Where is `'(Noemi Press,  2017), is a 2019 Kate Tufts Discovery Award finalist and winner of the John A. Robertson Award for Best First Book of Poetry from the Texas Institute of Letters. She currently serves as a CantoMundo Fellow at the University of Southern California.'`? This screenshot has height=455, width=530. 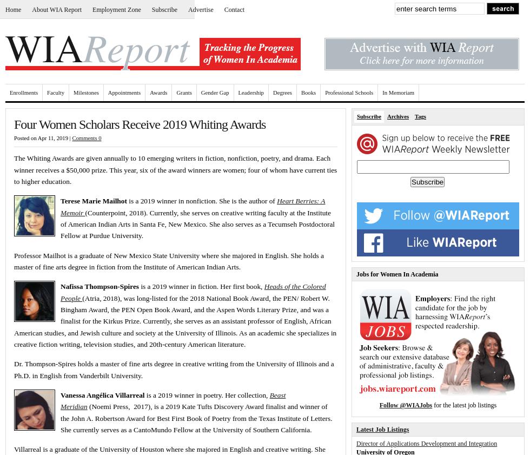
'(Noemi Press,  2017), is a 2019 Kate Tufts Discovery Award finalist and winner of the John A. Robertson Award for Best First Book of Poetry from the Texas Institute of Letters. She currently serves as a CantoMundo Fellow at the University of Southern California.' is located at coordinates (196, 418).